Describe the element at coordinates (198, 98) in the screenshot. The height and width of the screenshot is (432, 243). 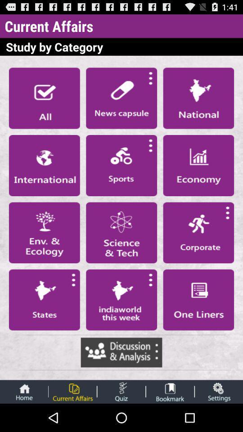
I see `the national category` at that location.